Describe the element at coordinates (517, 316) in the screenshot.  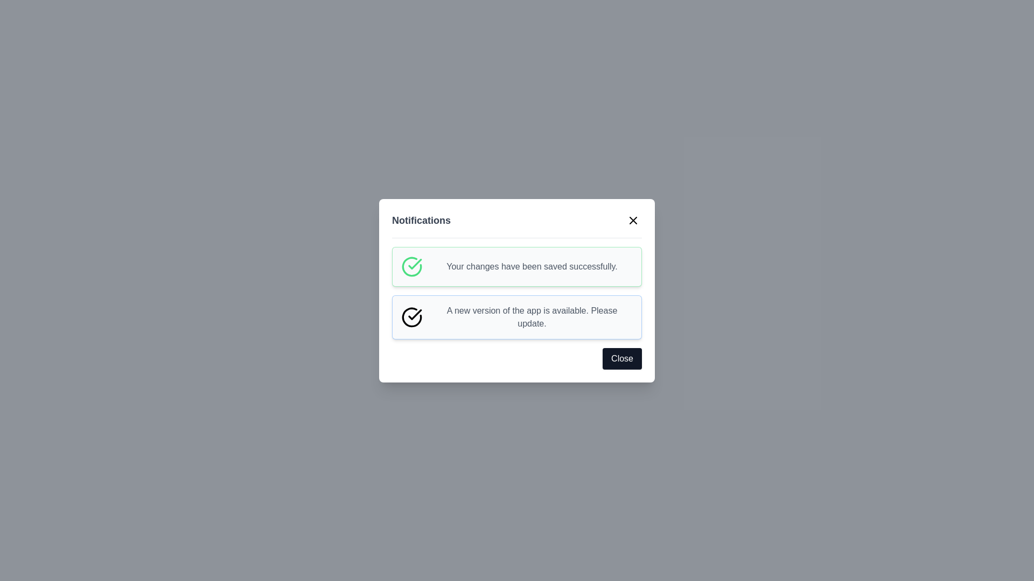
I see `the second Notification alert box that informs the user about a newly available version of the application` at that location.